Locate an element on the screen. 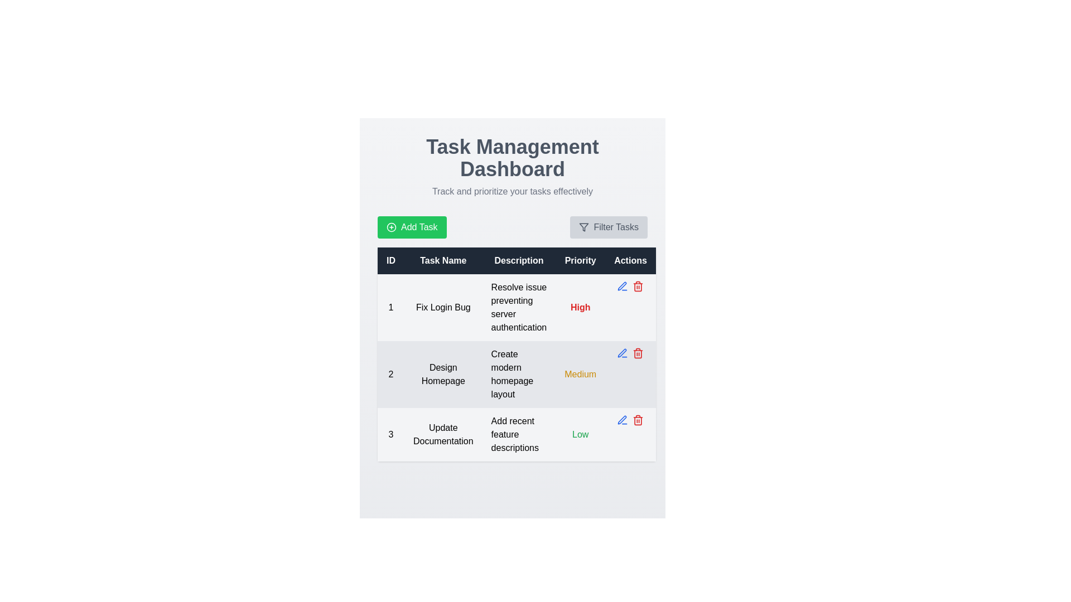 The height and width of the screenshot is (602, 1071). the Text Label displaying 'Update Documentation' located in the 'Task Name' column of the task management table is located at coordinates (442, 434).